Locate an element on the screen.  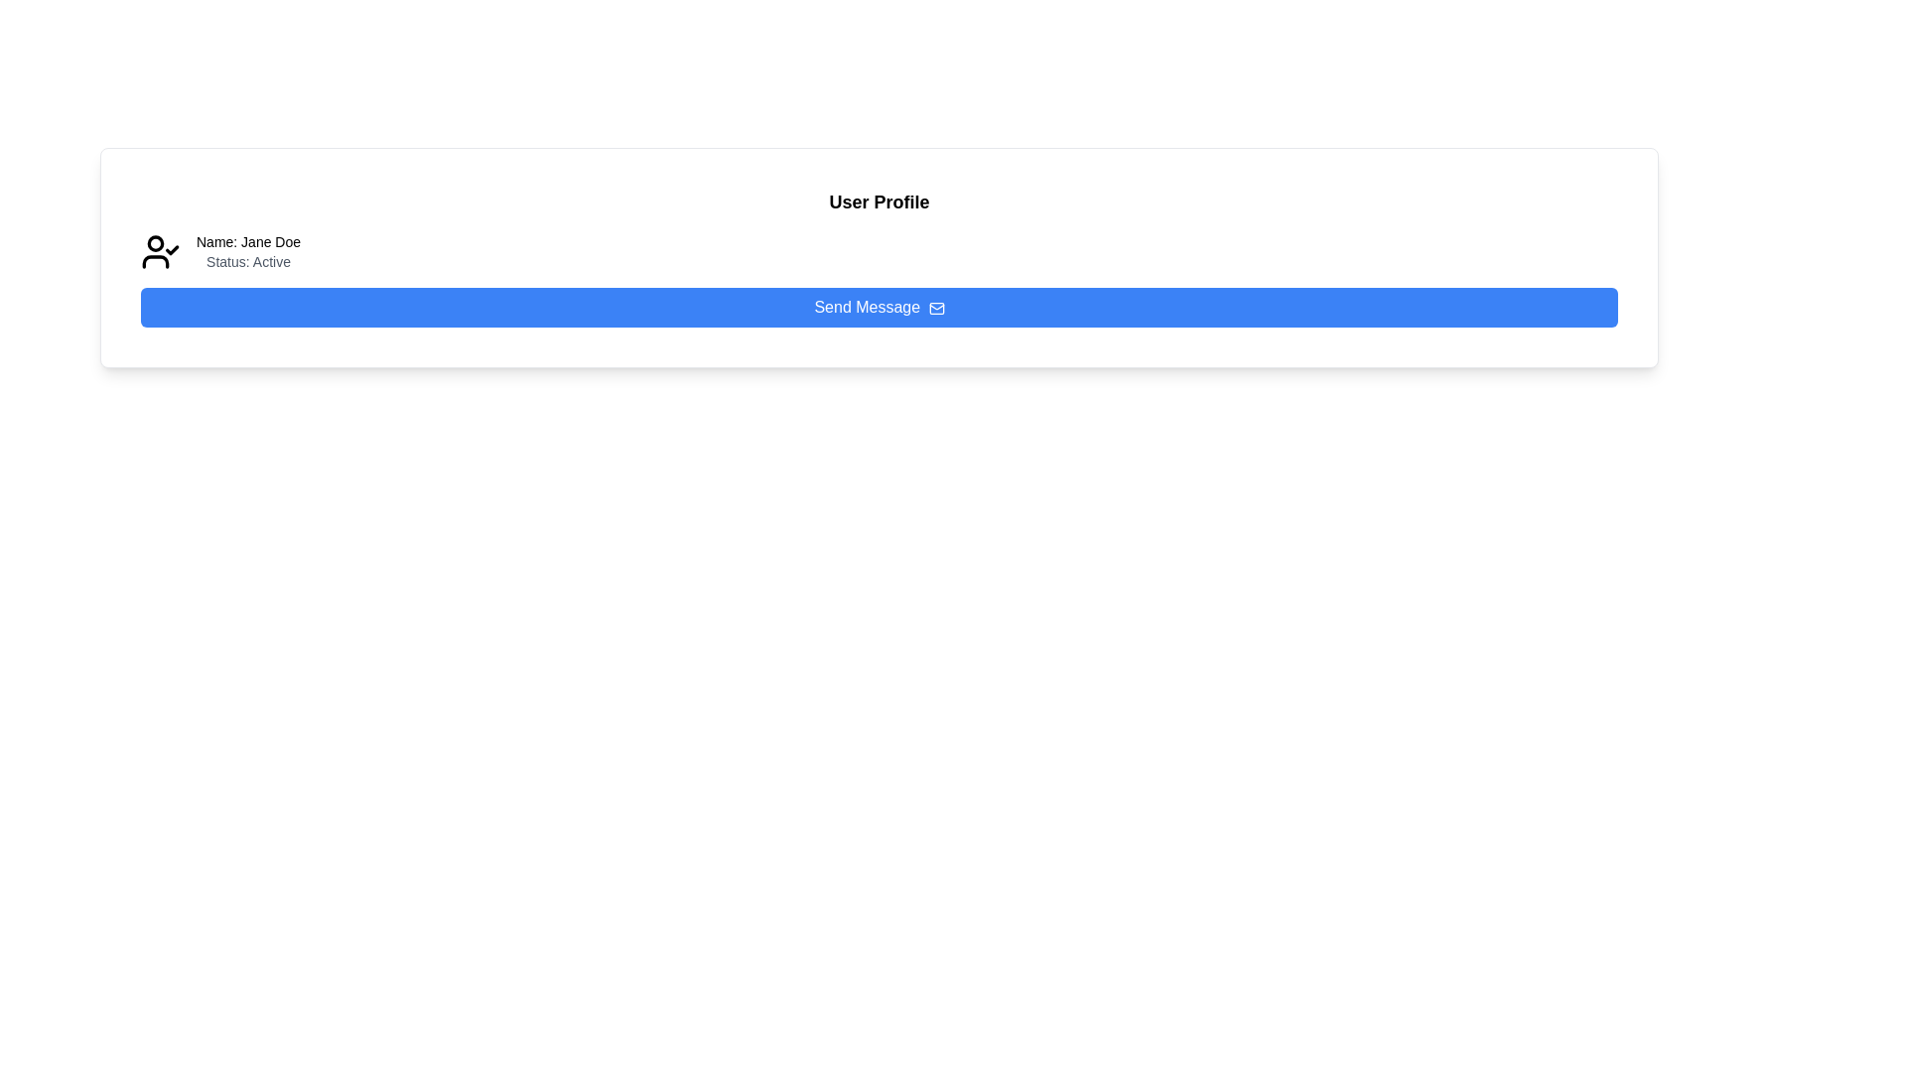
the text label displaying the status 'Active', which is positioned below the name field 'Name: Jane Doe' is located at coordinates (247, 260).